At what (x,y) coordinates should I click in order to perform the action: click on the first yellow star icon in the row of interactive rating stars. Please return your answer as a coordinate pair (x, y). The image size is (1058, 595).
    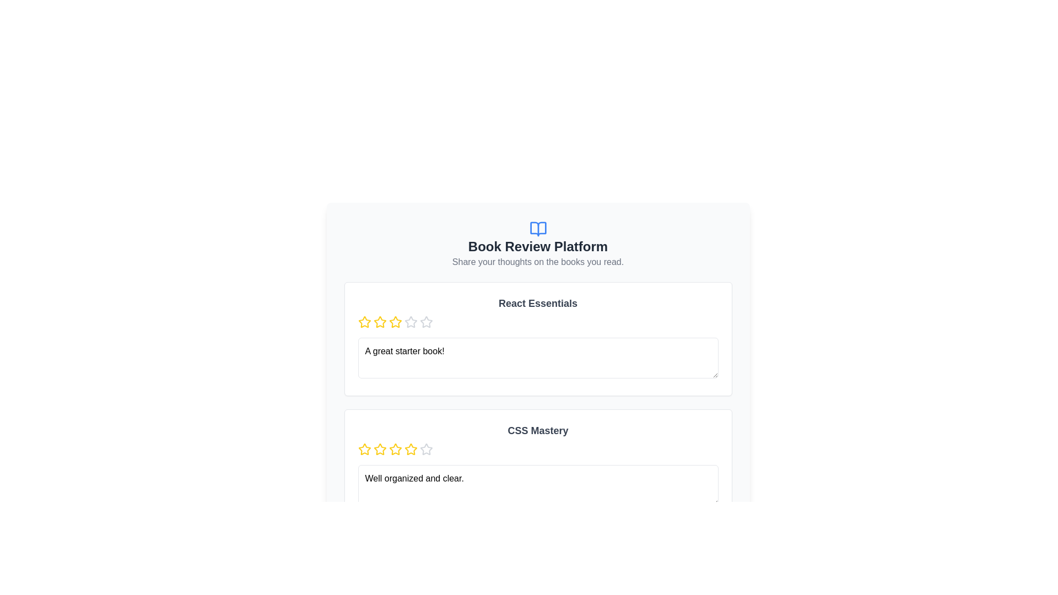
    Looking at the image, I should click on (364, 322).